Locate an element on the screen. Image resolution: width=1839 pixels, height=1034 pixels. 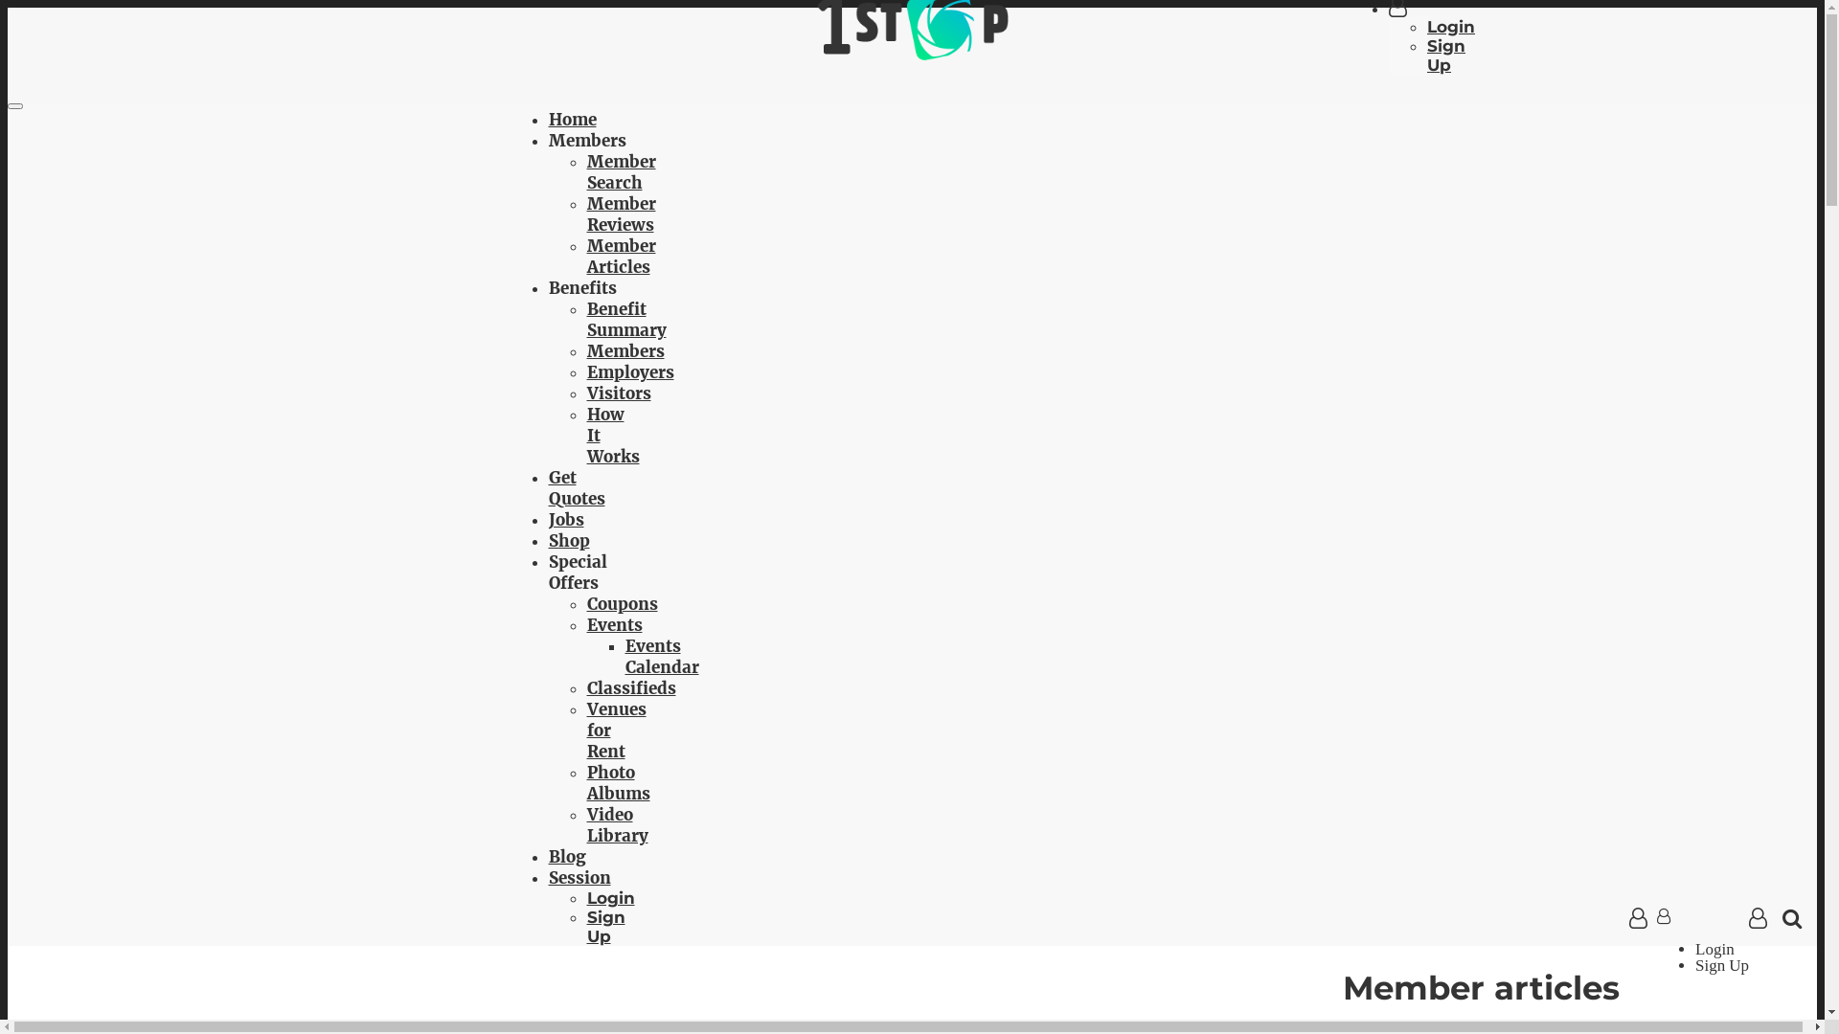
'Photo Albums' is located at coordinates (584, 782).